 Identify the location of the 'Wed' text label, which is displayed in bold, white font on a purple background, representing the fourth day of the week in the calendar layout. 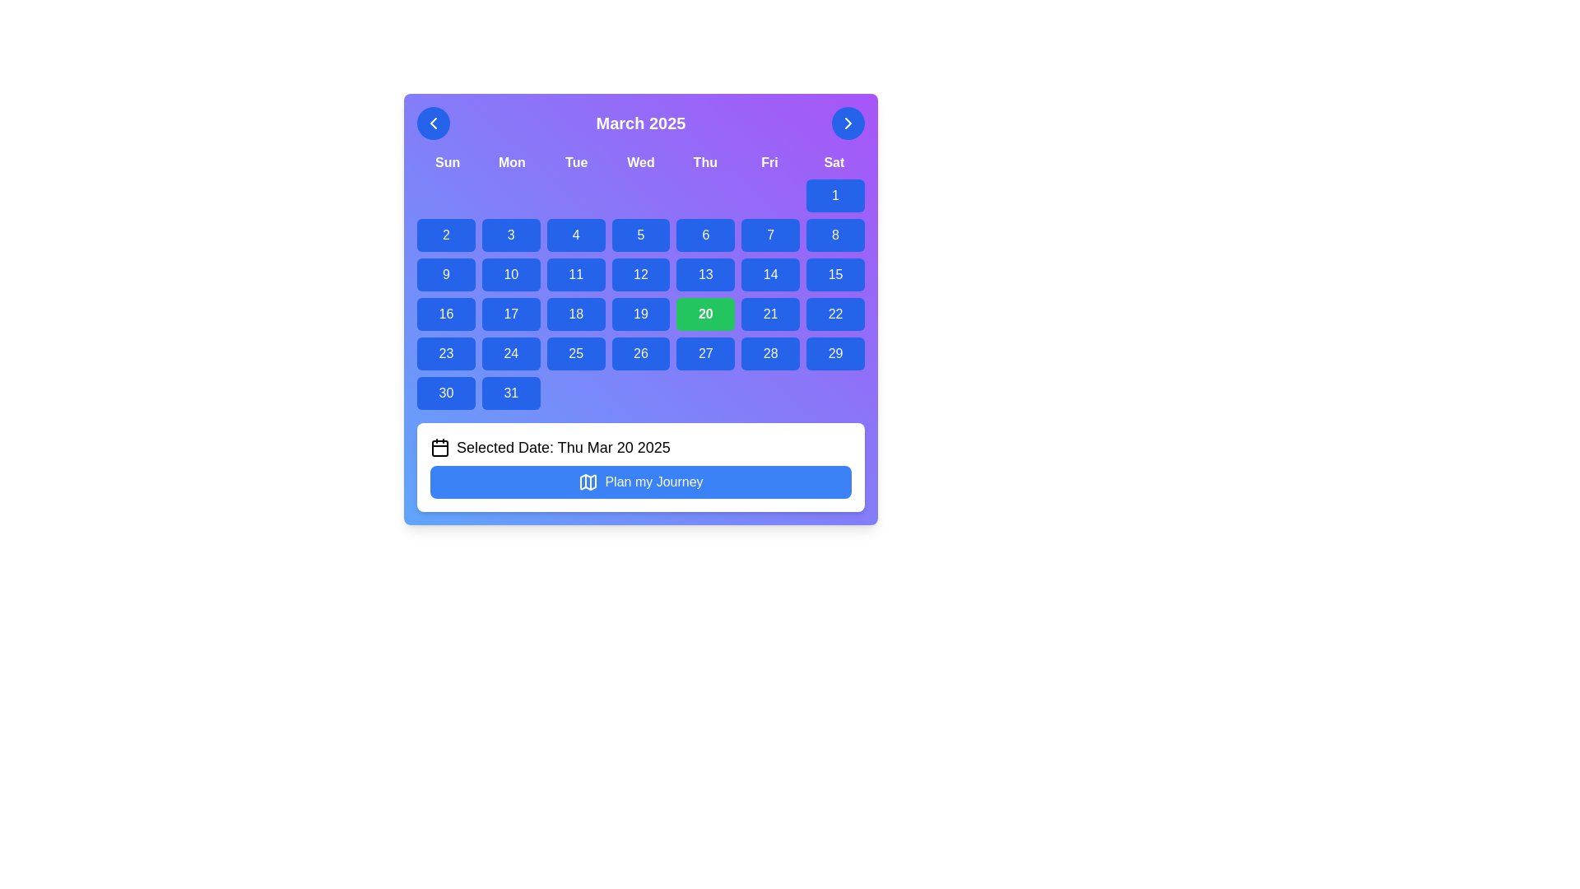
(639, 162).